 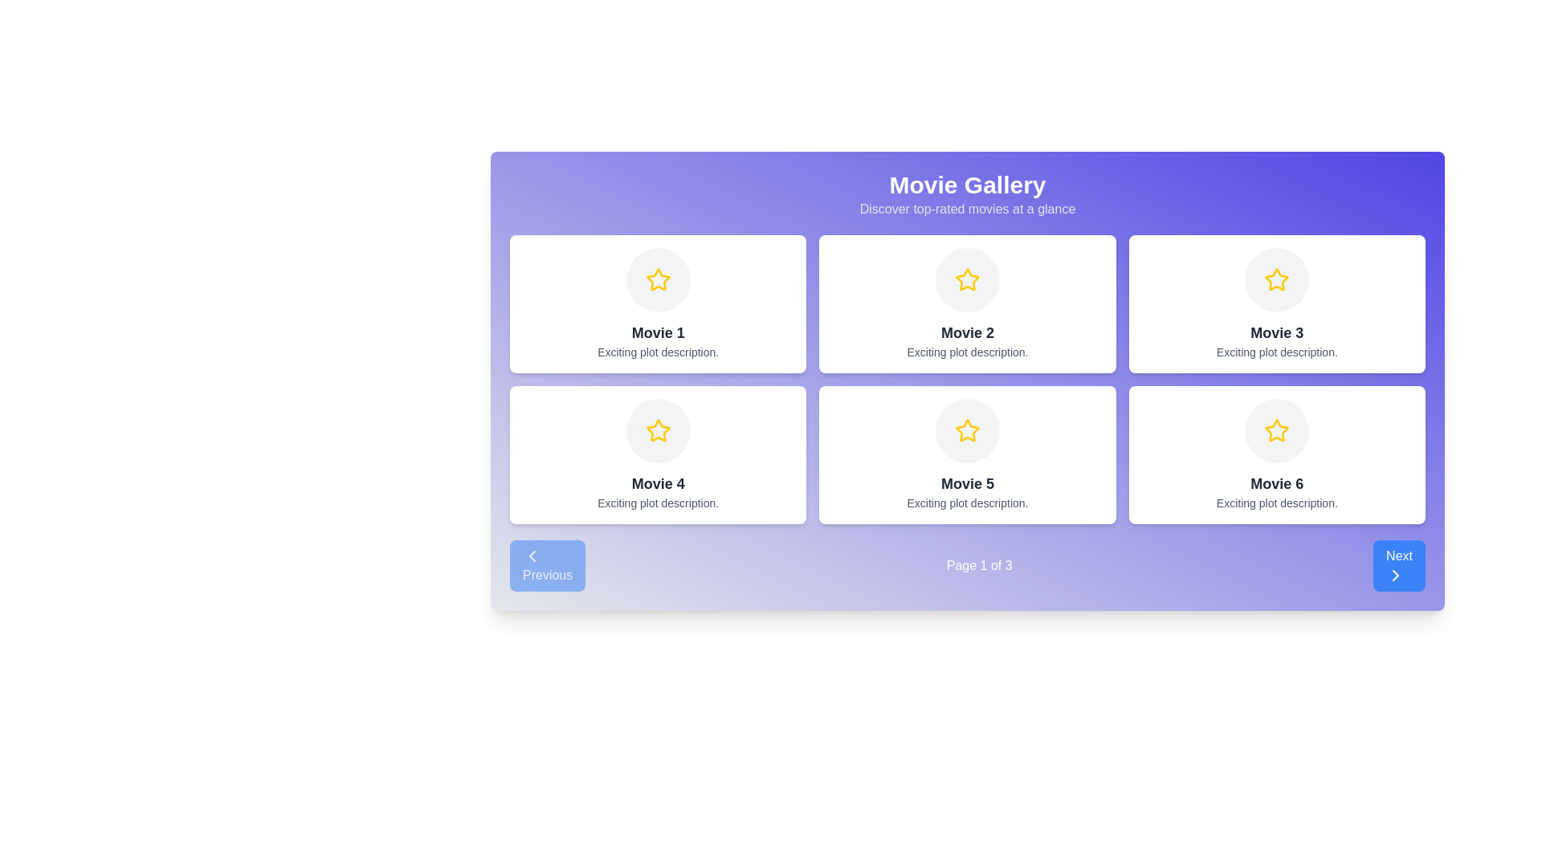 I want to click on the text label displaying 'Exciting plot description.' which is styled with 'text-sm text-gray-600' and is located directly below the title 'Movie 5', so click(x=966, y=503).